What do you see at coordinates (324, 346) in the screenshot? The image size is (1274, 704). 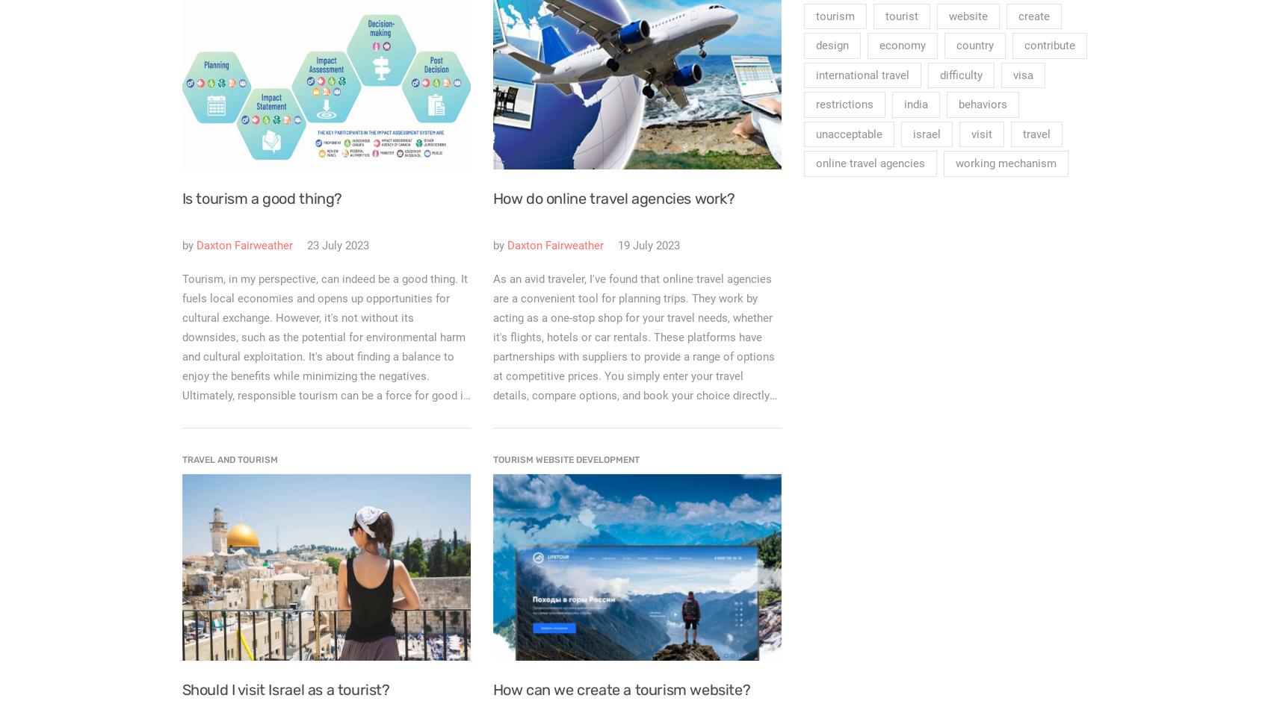 I see `'Tourism, in my perspective, can indeed be a good thing. It fuels local economies and opens up opportunities for cultural exchange. However, it's not without its downsides, such as the potential for environmental harm and cultural exploitation. It's about finding a balance to enjoy the benefits while minimizing the negatives. Ultimately, responsible tourism can be a force for good in the world.'` at bounding box center [324, 346].